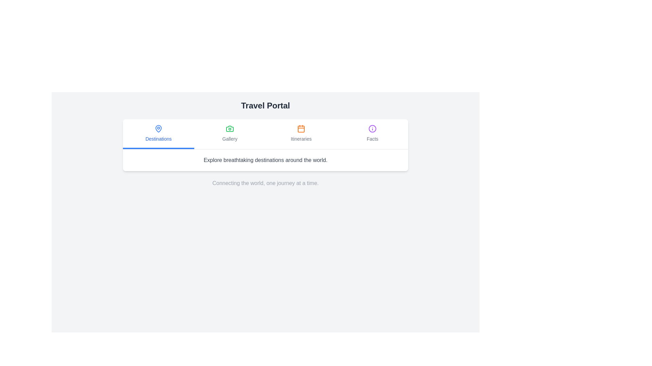 This screenshot has width=652, height=366. I want to click on the navigation link labeled 'Facts' which features an icon of a circle with an 'i' symbol in purple, positioned as the fourth item in a horizontal navigation menu, so click(372, 133).